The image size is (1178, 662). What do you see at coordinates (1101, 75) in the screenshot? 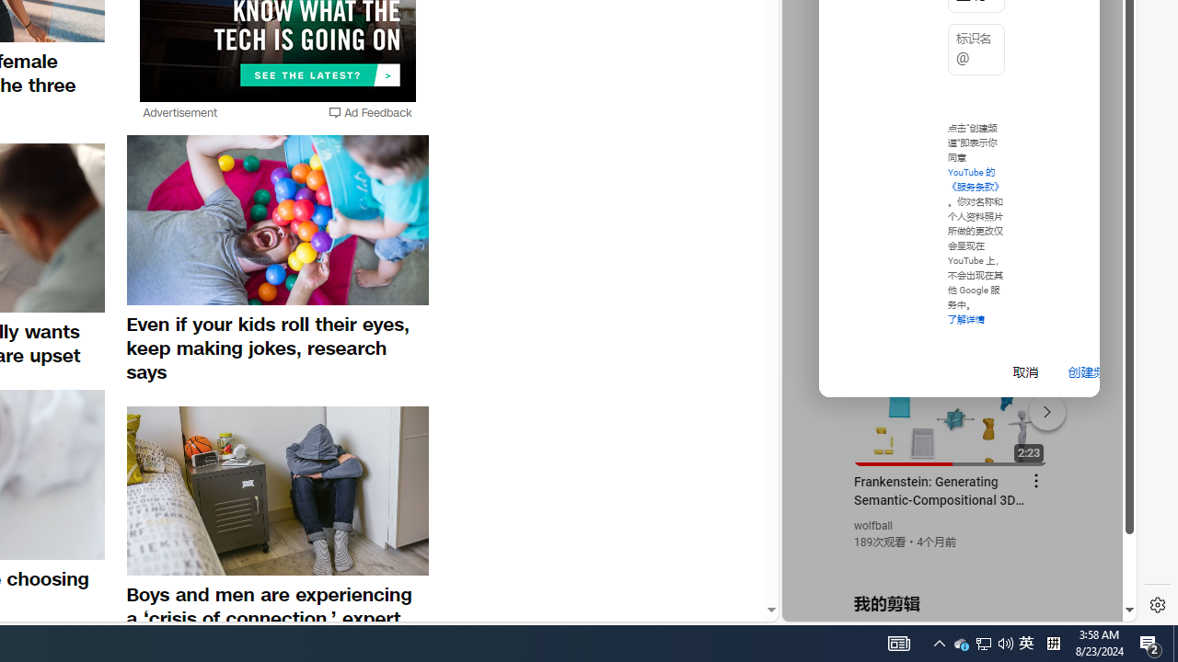
I see `'Click to scroll right'` at bounding box center [1101, 75].